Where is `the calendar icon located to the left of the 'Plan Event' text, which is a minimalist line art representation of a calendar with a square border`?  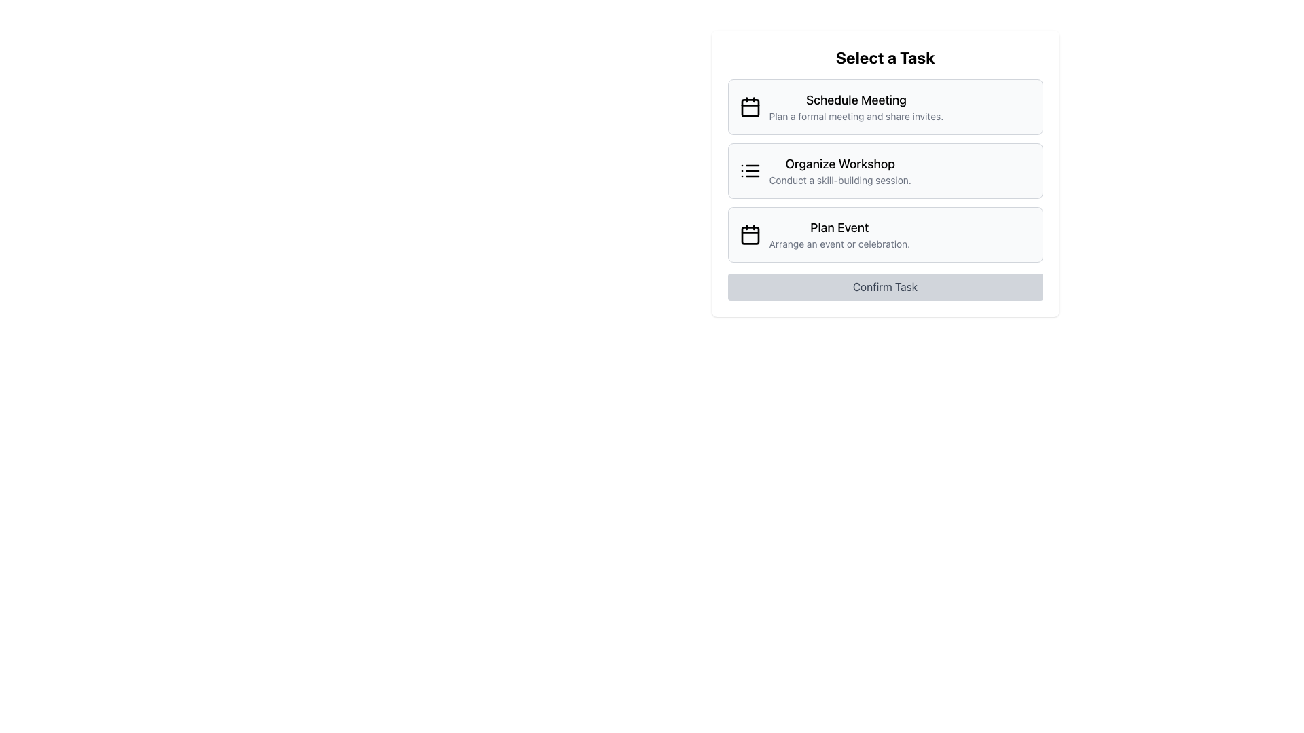 the calendar icon located to the left of the 'Plan Event' text, which is a minimalist line art representation of a calendar with a square border is located at coordinates (749, 234).